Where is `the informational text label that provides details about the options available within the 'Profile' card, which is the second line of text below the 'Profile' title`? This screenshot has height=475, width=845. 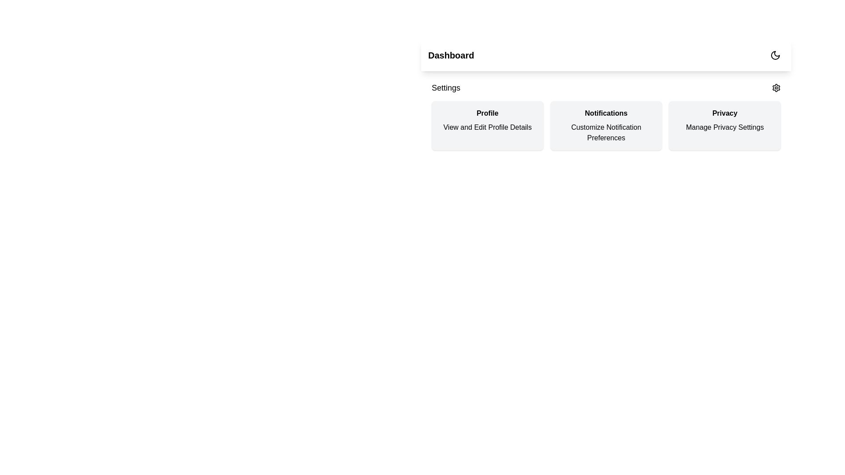
the informational text label that provides details about the options available within the 'Profile' card, which is the second line of text below the 'Profile' title is located at coordinates (487, 127).